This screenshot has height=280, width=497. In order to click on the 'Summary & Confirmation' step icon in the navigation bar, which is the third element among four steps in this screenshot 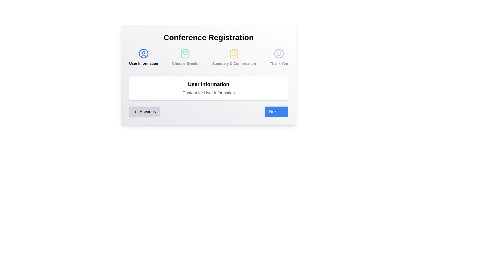, I will do `click(234, 54)`.